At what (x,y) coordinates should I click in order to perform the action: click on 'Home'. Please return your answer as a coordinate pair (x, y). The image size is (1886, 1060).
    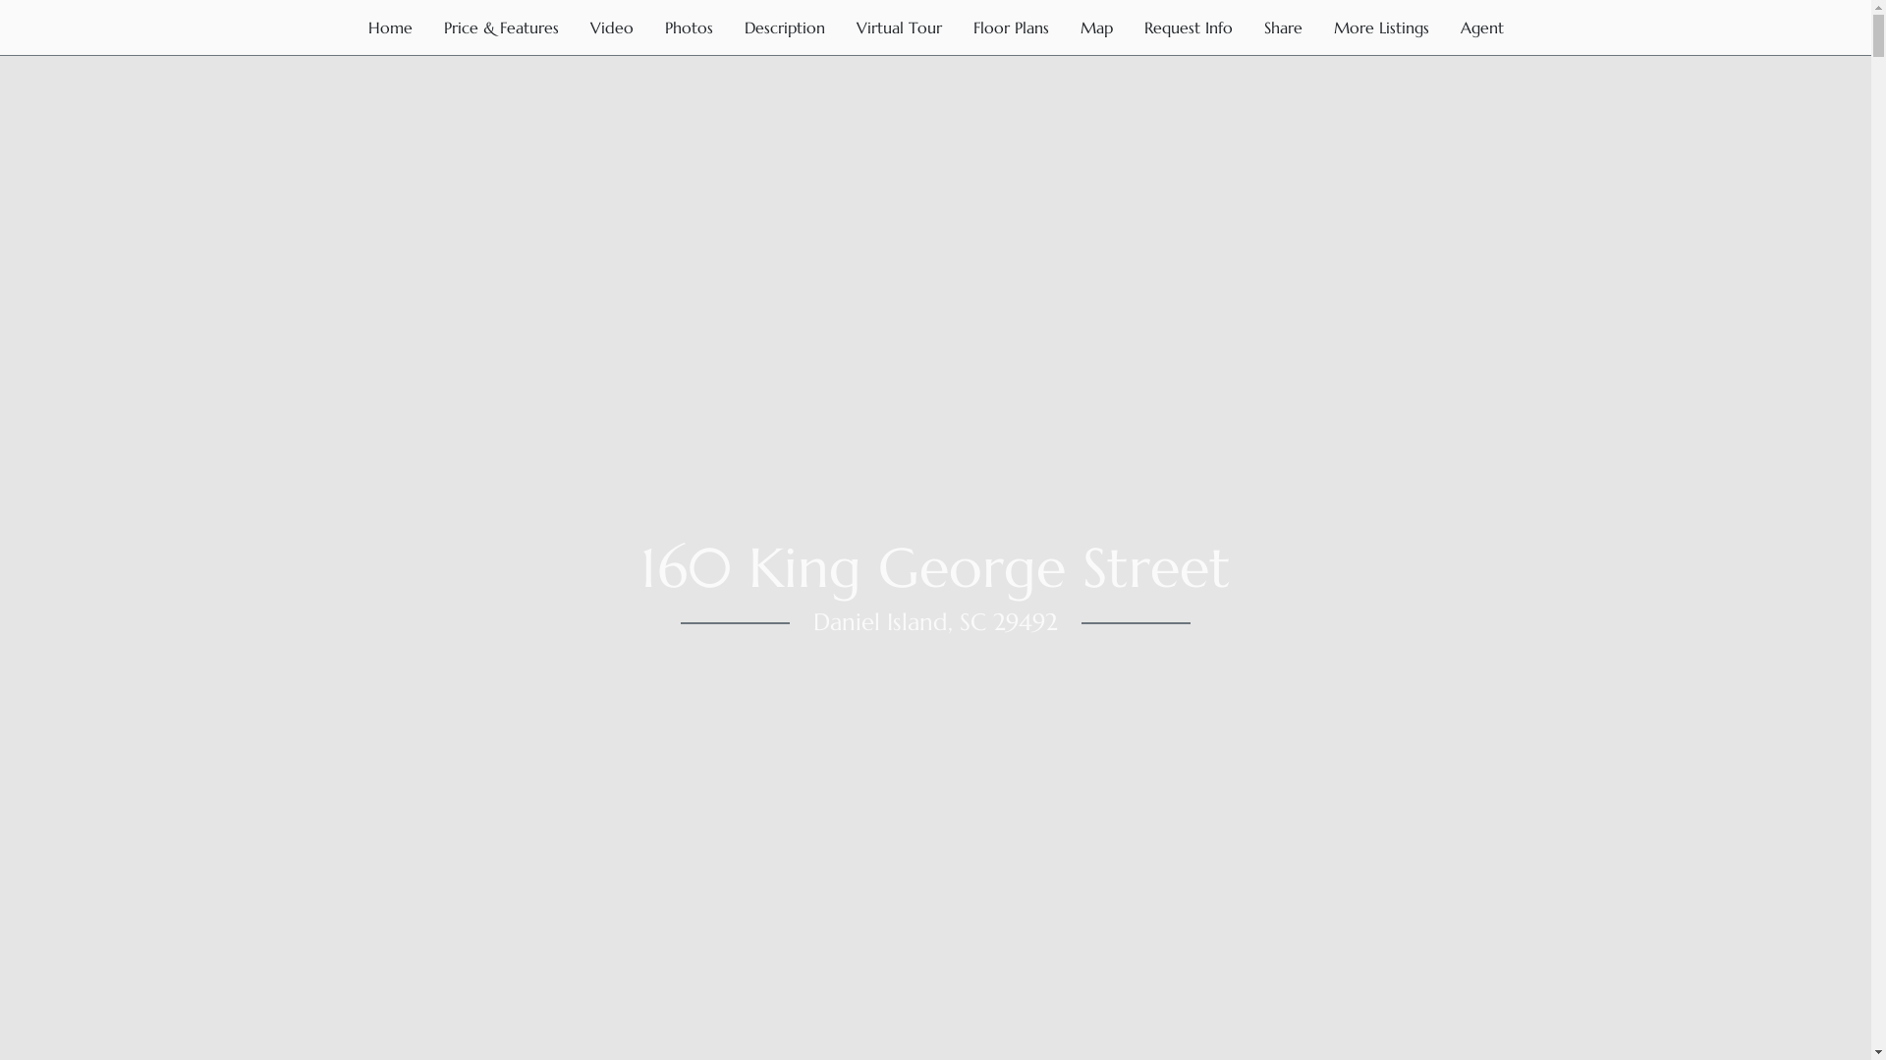
    Looking at the image, I should click on (389, 26).